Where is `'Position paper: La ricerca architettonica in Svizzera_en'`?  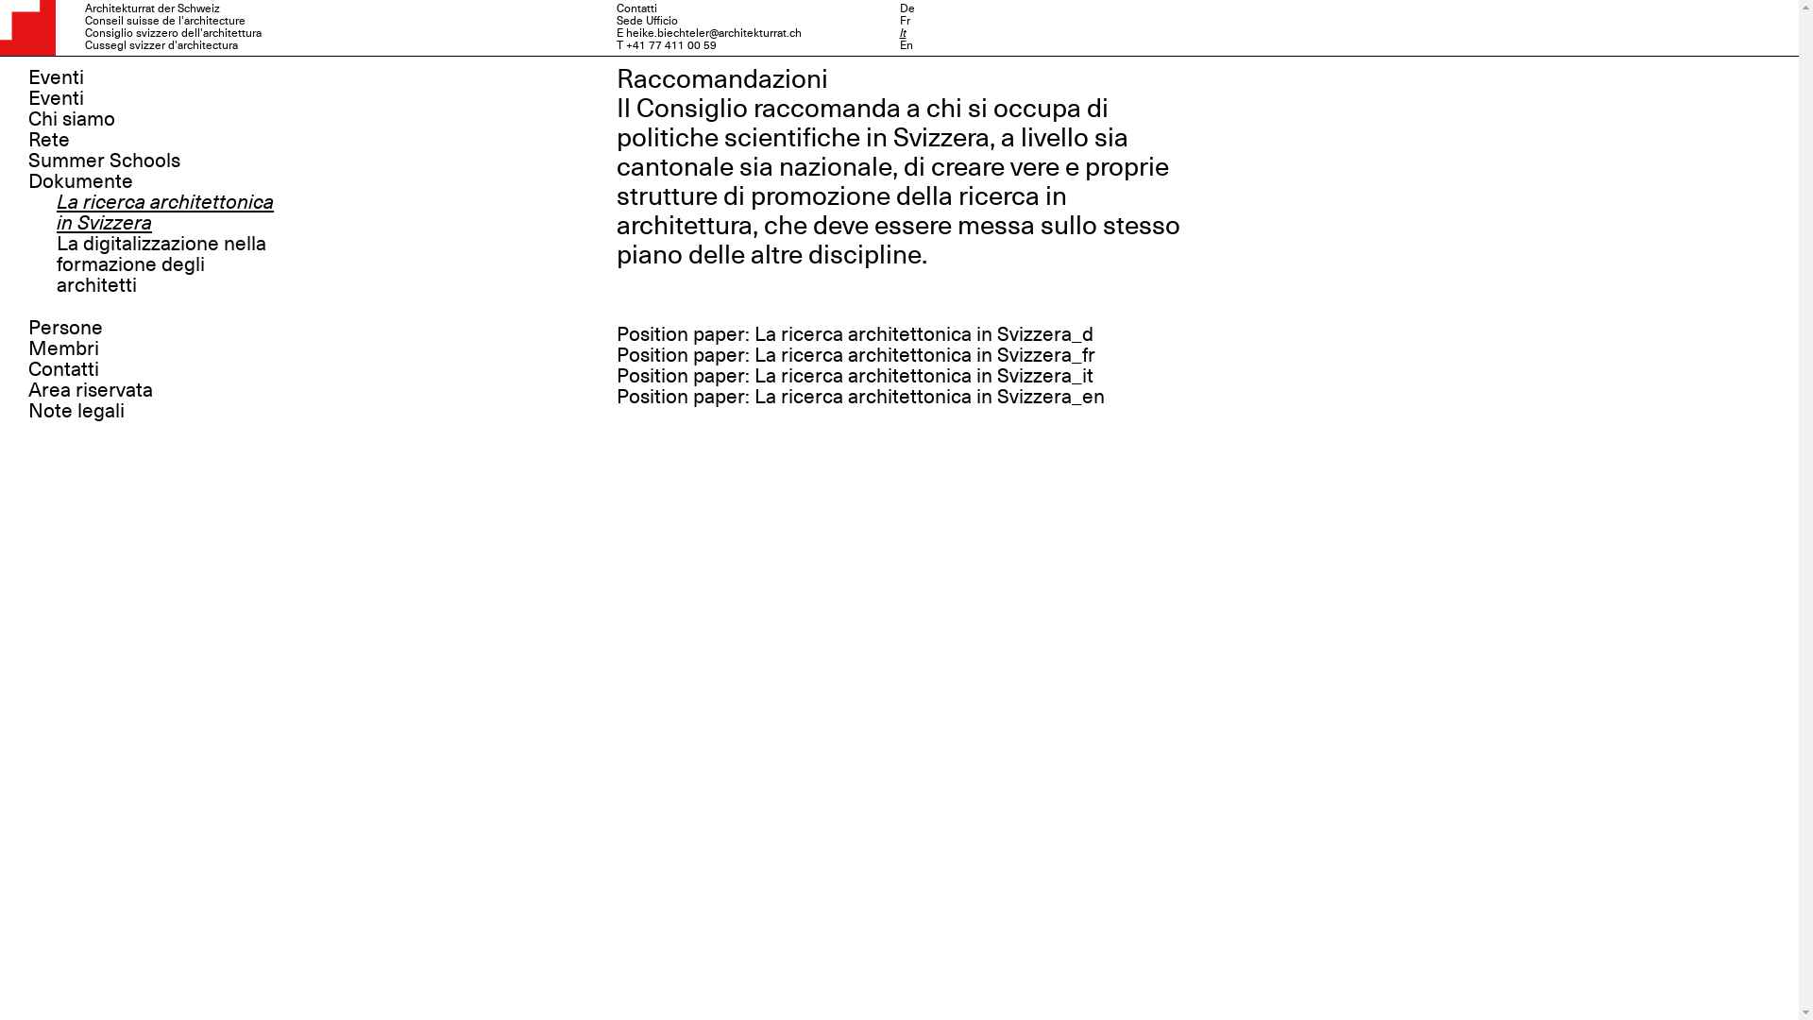 'Position paper: La ricerca architettonica in Svizzera_en' is located at coordinates (858, 396).